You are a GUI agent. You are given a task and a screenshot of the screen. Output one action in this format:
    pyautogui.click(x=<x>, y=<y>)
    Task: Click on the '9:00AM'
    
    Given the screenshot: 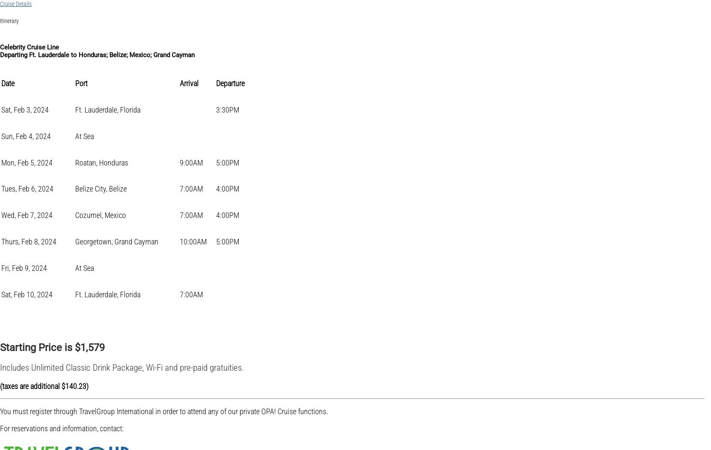 What is the action you would take?
    pyautogui.click(x=179, y=162)
    